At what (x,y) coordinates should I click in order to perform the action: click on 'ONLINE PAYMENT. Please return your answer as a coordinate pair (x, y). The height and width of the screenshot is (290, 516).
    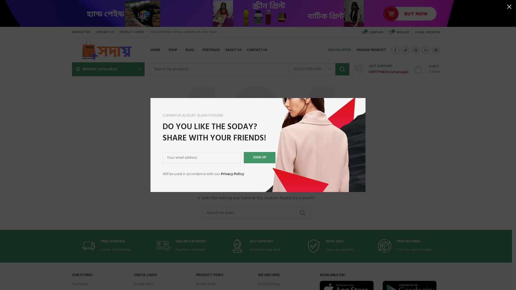
    Looking at the image, I should click on (181, 246).